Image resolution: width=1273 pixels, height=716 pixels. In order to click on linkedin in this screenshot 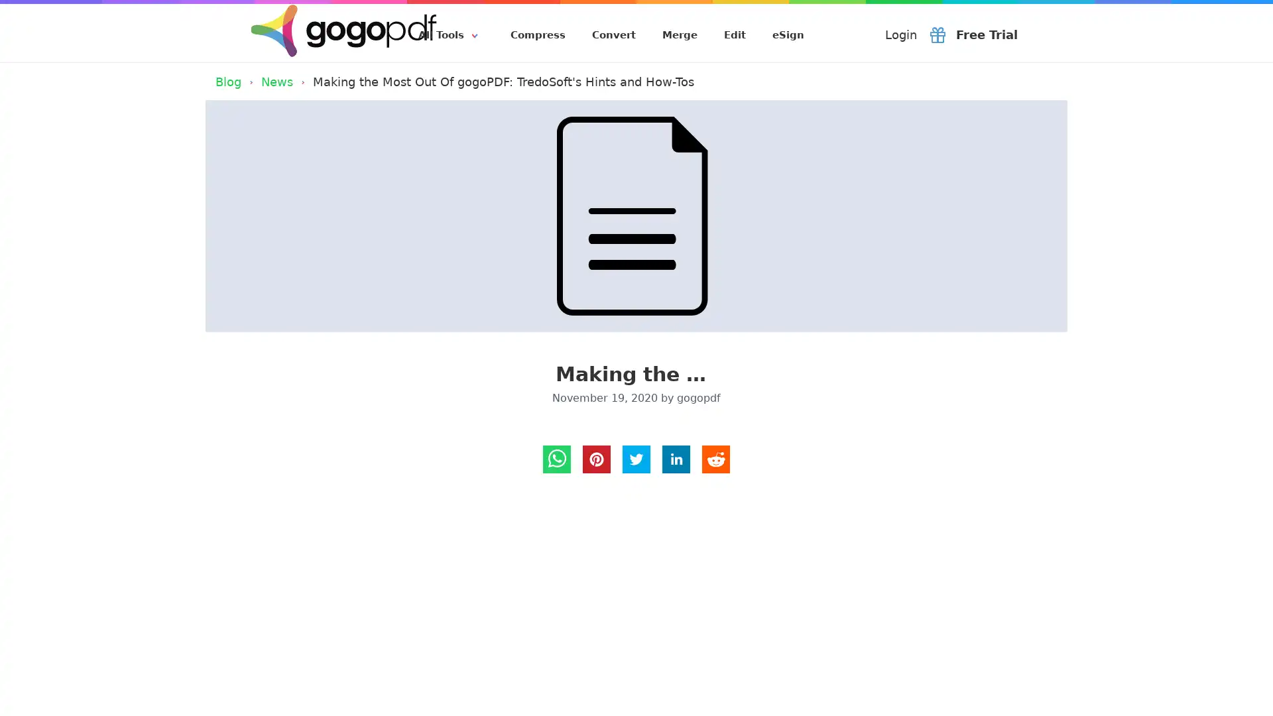, I will do `click(676, 459)`.